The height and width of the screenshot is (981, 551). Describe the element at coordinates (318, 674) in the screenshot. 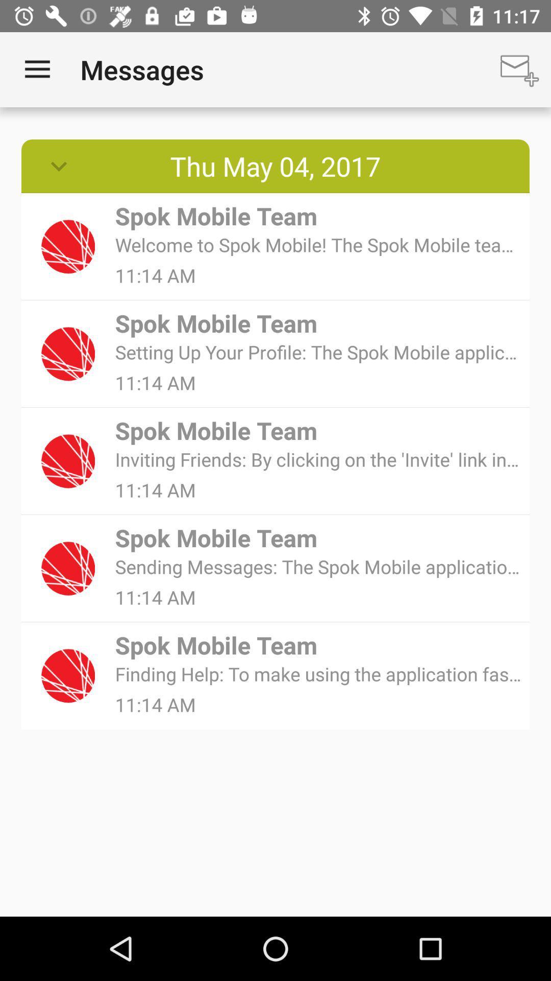

I see `the finding help to item` at that location.